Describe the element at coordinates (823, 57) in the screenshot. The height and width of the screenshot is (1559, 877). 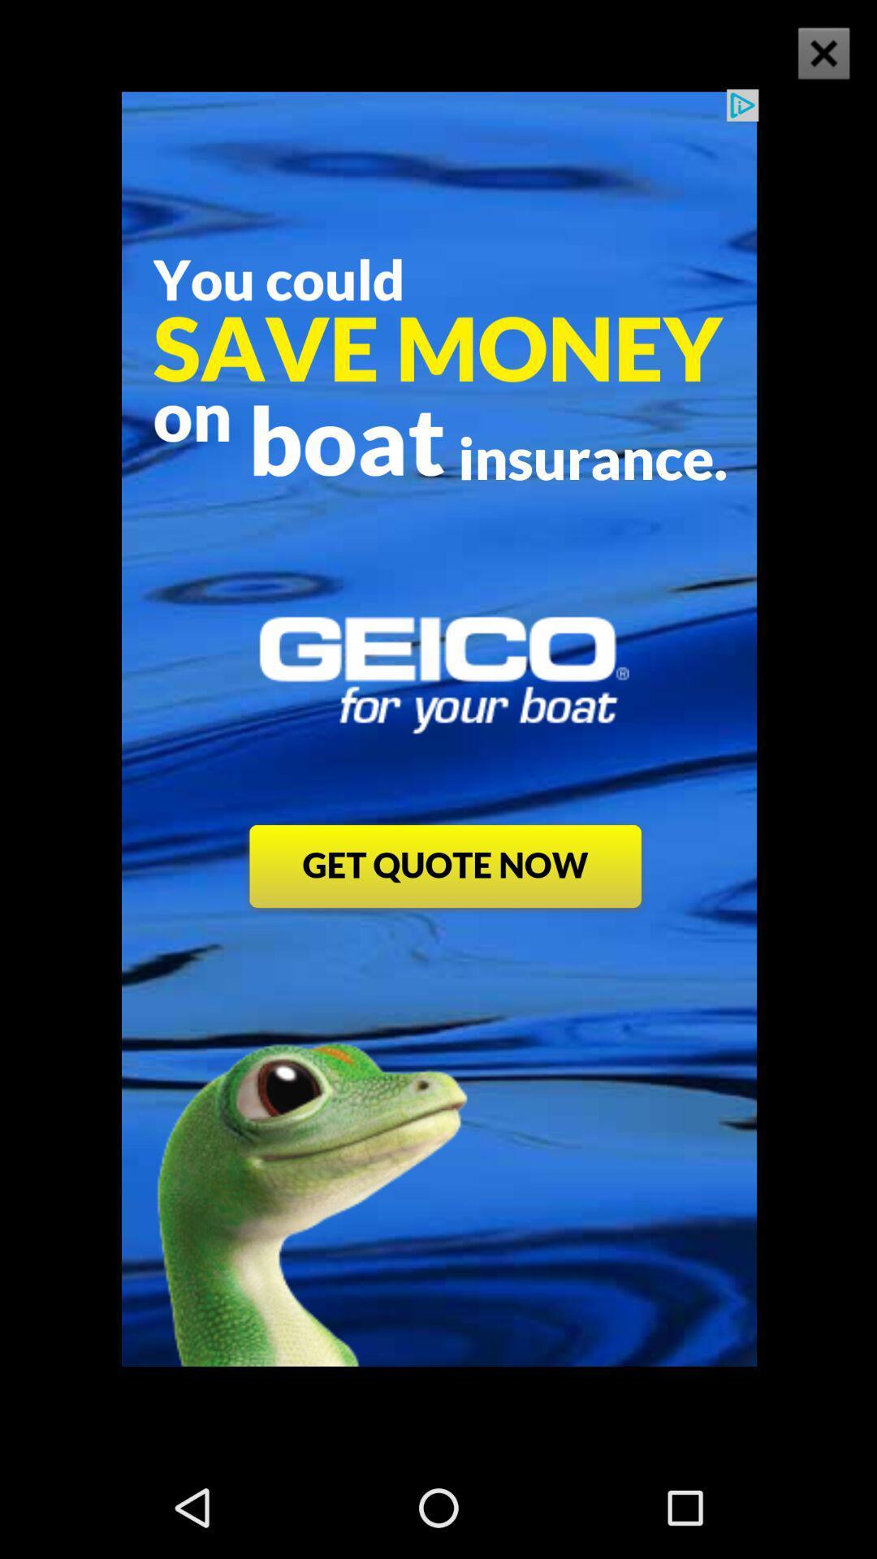
I see `the close icon` at that location.